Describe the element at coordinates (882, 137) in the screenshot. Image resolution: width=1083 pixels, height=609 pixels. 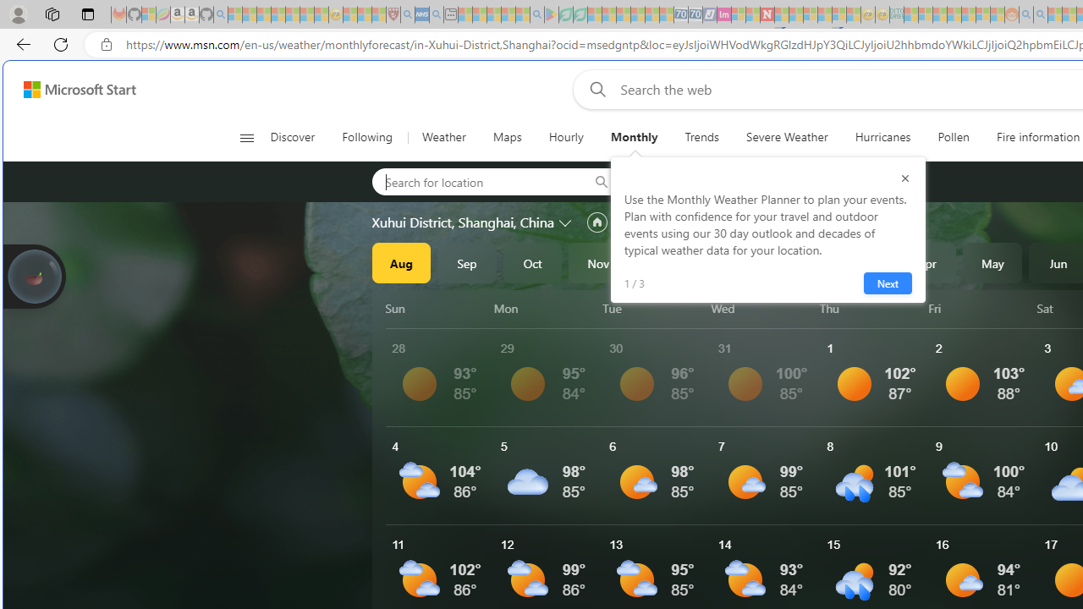
I see `'Hurricanes'` at that location.